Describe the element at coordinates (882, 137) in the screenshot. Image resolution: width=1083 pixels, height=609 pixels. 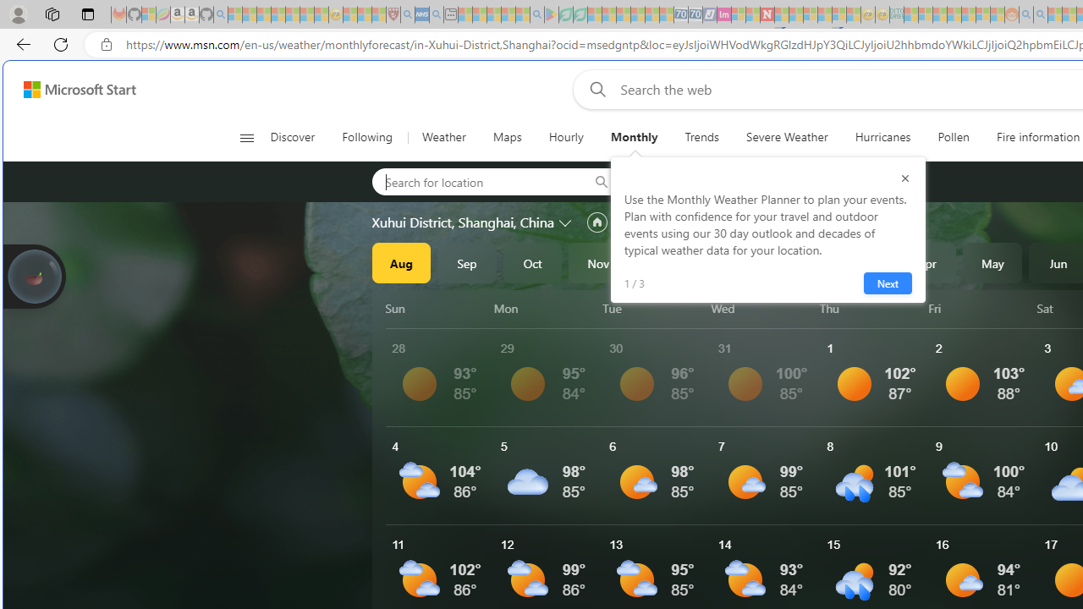
I see `'Hurricanes'` at that location.